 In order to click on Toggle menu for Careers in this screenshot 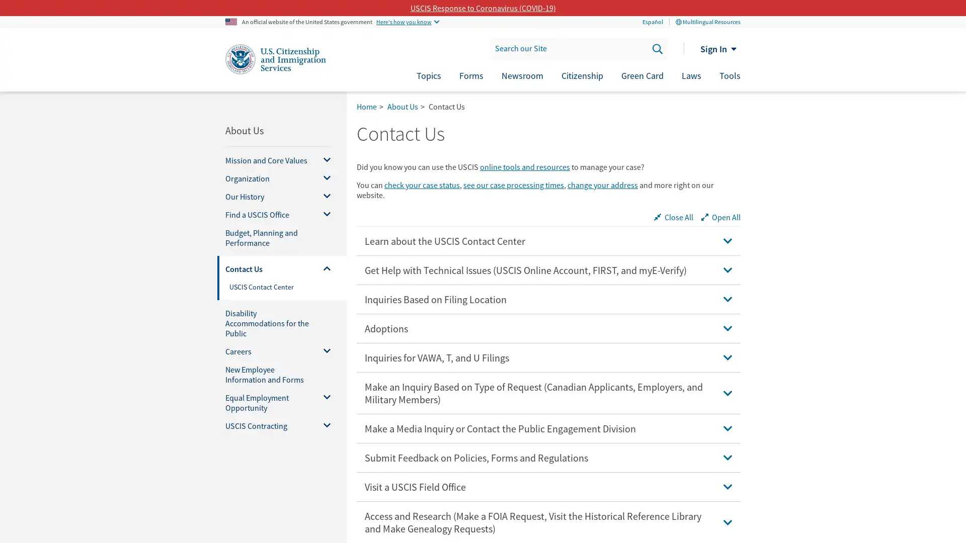, I will do `click(323, 350)`.